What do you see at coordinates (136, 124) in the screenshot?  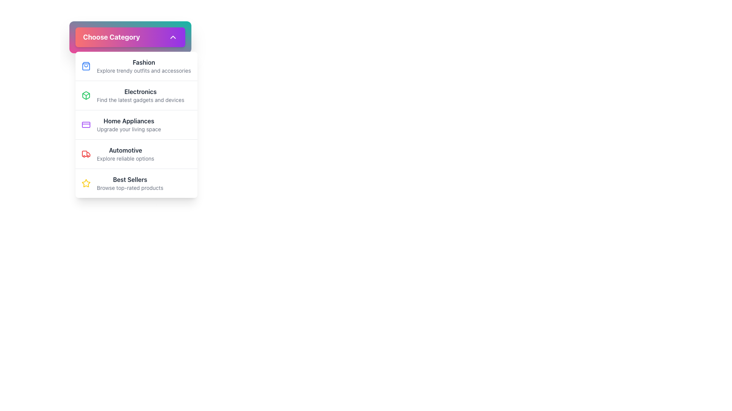 I see `the 'Home Appliances' list item, which is highlighted with a purple icon` at bounding box center [136, 124].